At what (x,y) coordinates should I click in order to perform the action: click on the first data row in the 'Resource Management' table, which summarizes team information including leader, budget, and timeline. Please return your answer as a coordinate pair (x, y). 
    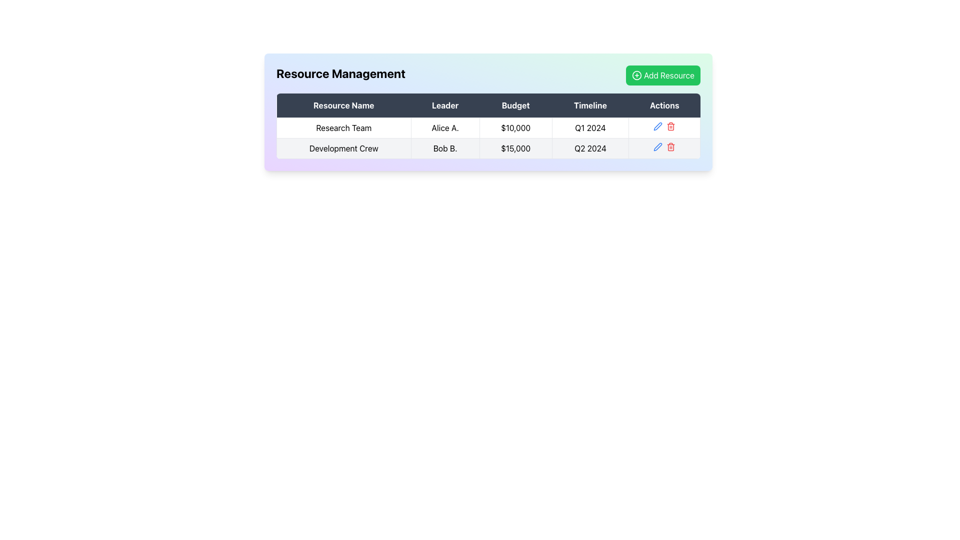
    Looking at the image, I should click on (488, 127).